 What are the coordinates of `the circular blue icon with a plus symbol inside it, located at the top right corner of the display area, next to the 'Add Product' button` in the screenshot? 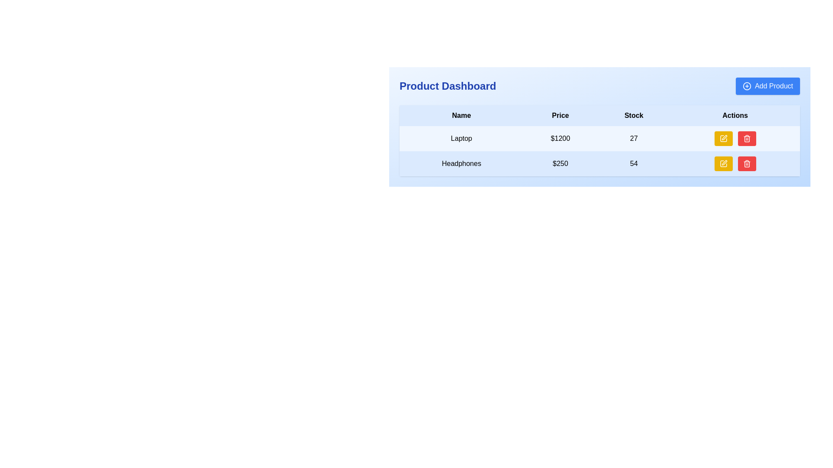 It's located at (746, 86).